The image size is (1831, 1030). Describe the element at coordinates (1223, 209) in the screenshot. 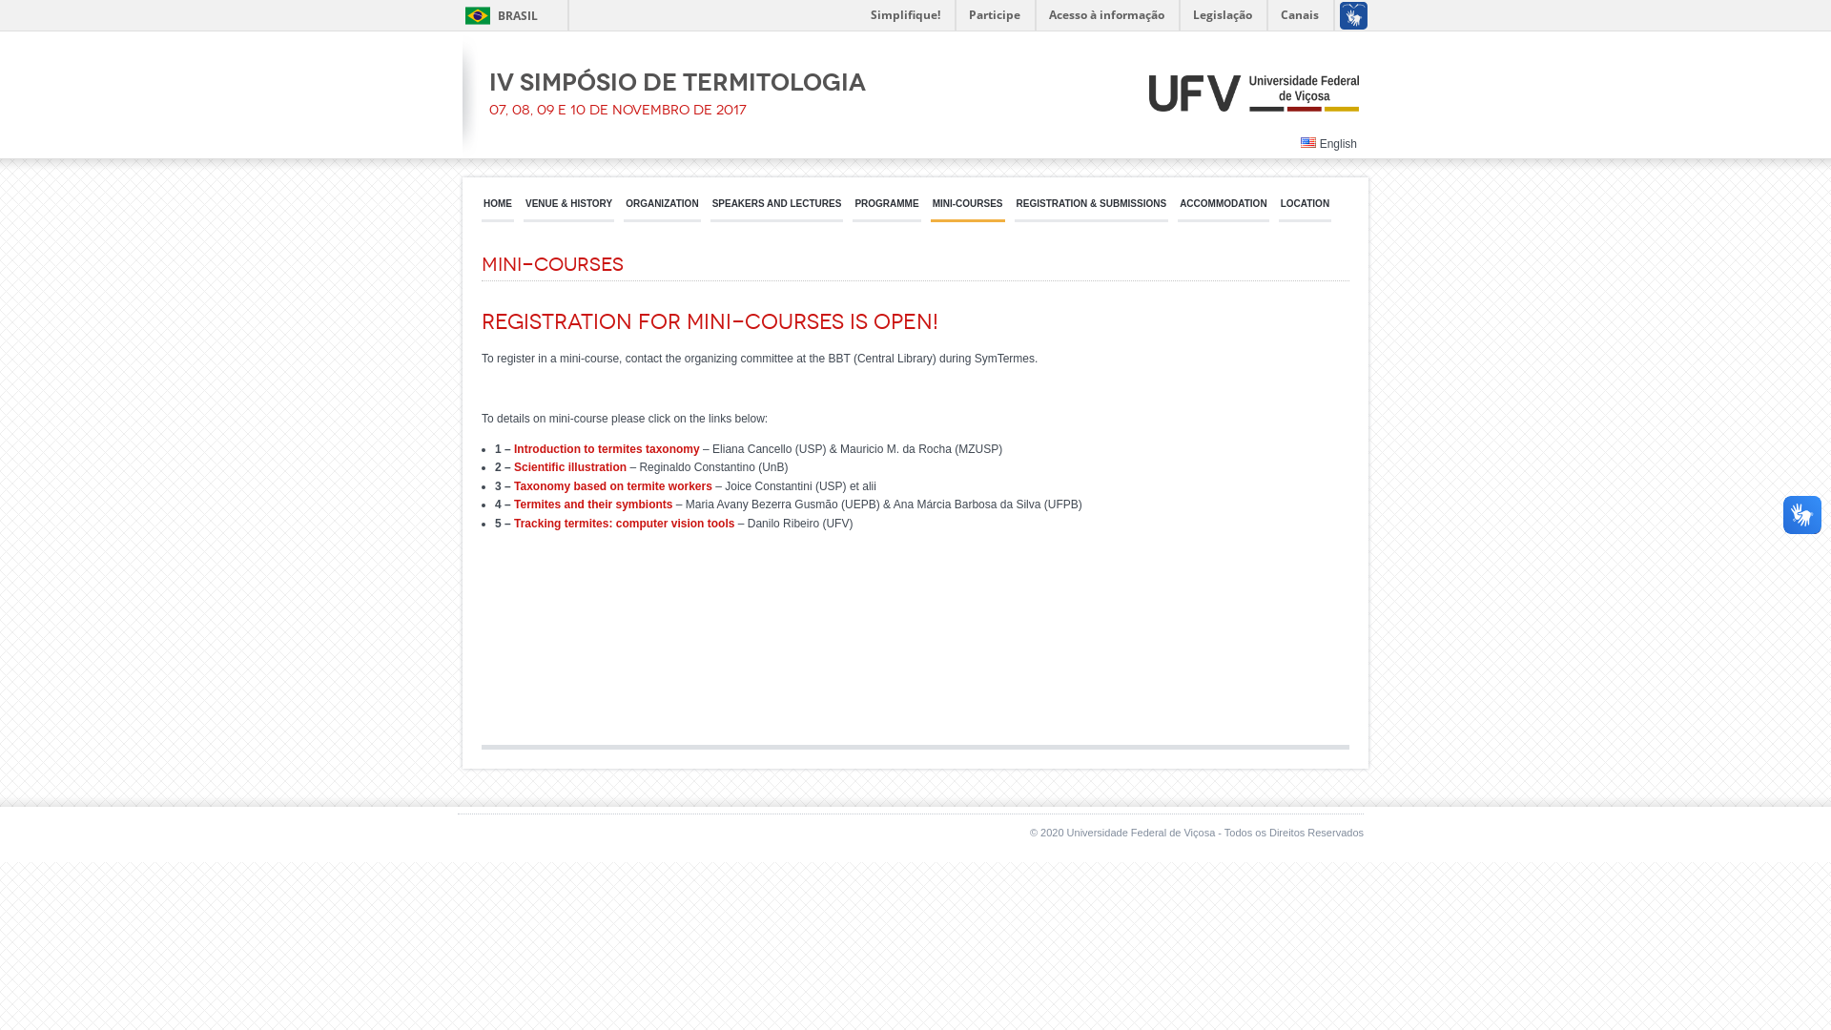

I see `'ACCOMMODATION'` at that location.